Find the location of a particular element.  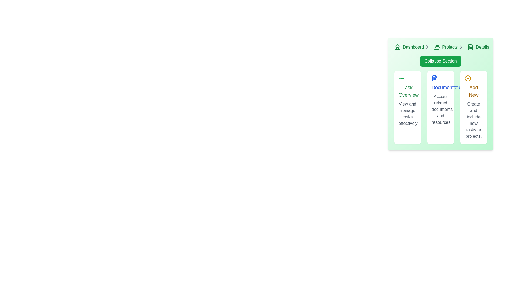

the 'Projects' hyperlink, which is styled in green and located is located at coordinates (445, 47).